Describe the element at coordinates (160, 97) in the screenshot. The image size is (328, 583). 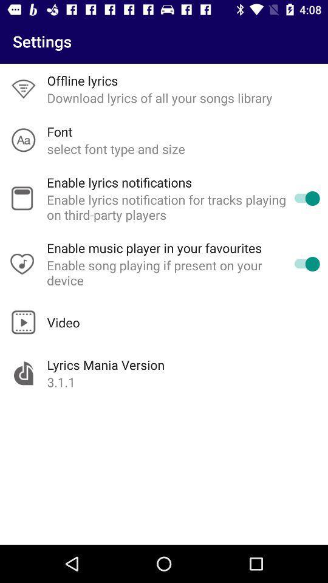
I see `the icon above font app` at that location.